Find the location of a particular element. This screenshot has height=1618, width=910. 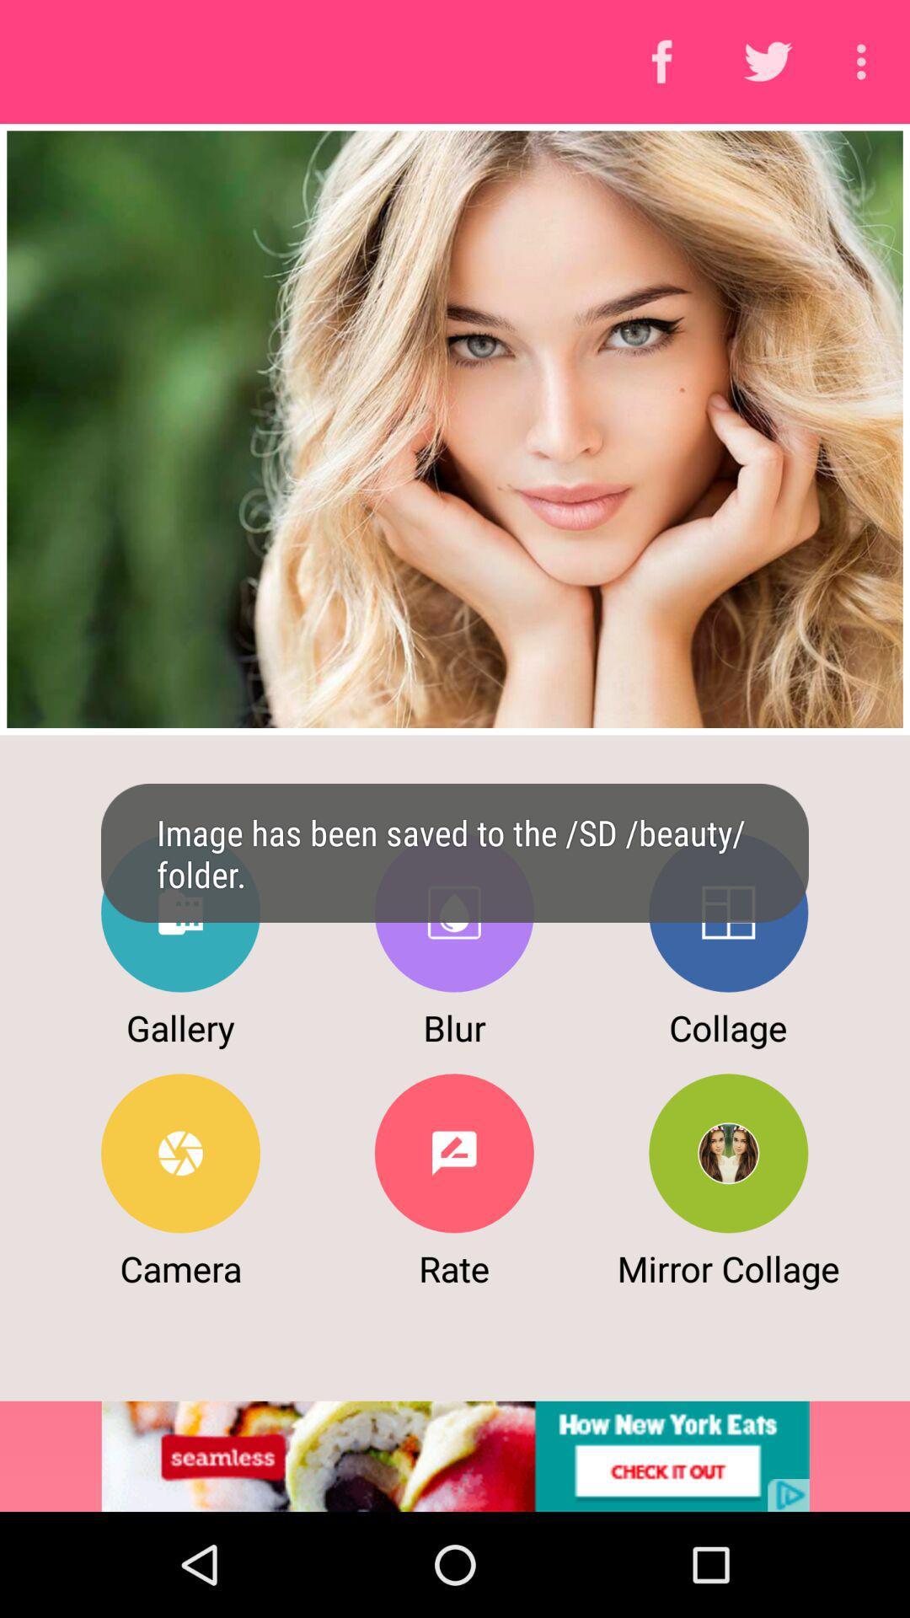

the email icon is located at coordinates (180, 912).